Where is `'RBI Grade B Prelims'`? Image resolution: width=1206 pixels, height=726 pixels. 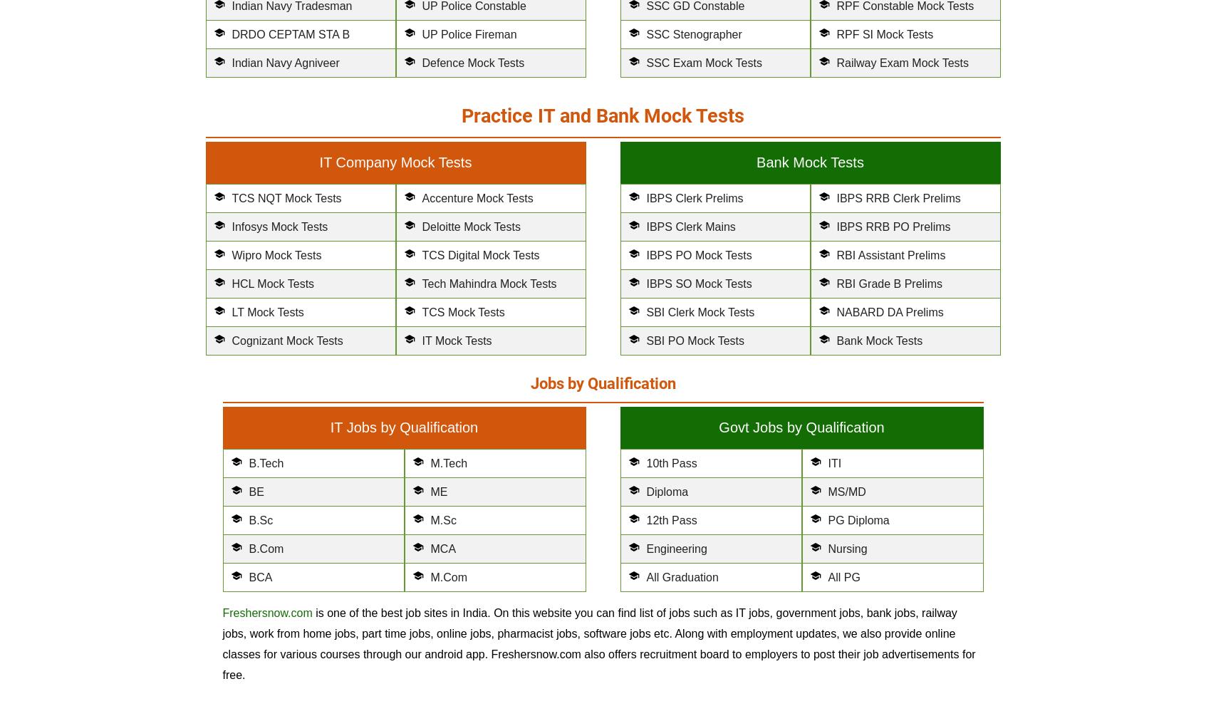
'RBI Grade B Prelims' is located at coordinates (889, 283).